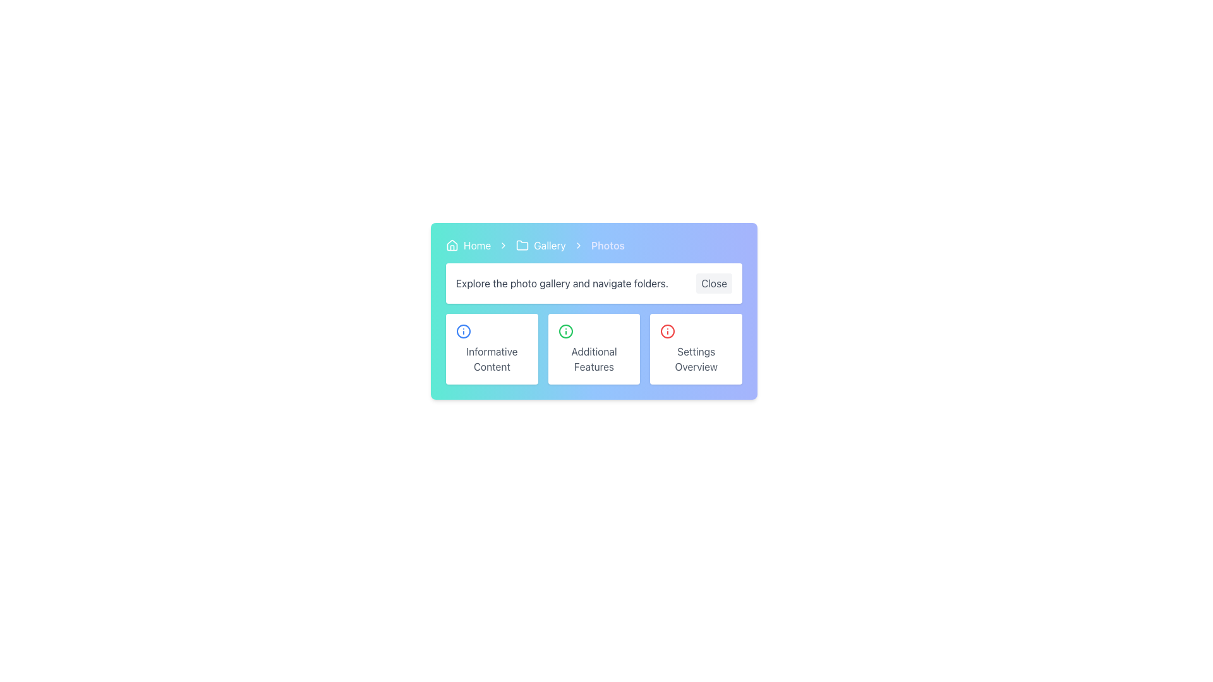  What do you see at coordinates (550, 246) in the screenshot?
I see `the navigation step represented` at bounding box center [550, 246].